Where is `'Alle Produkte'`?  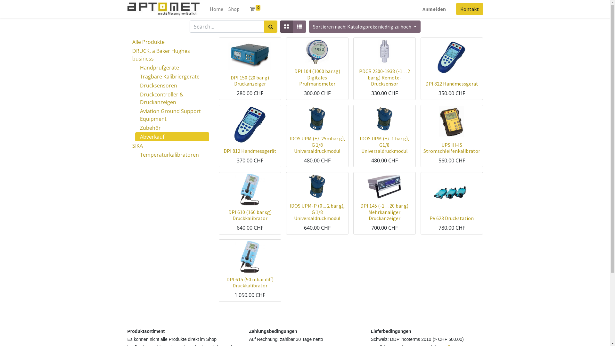 'Alle Produkte' is located at coordinates (168, 42).